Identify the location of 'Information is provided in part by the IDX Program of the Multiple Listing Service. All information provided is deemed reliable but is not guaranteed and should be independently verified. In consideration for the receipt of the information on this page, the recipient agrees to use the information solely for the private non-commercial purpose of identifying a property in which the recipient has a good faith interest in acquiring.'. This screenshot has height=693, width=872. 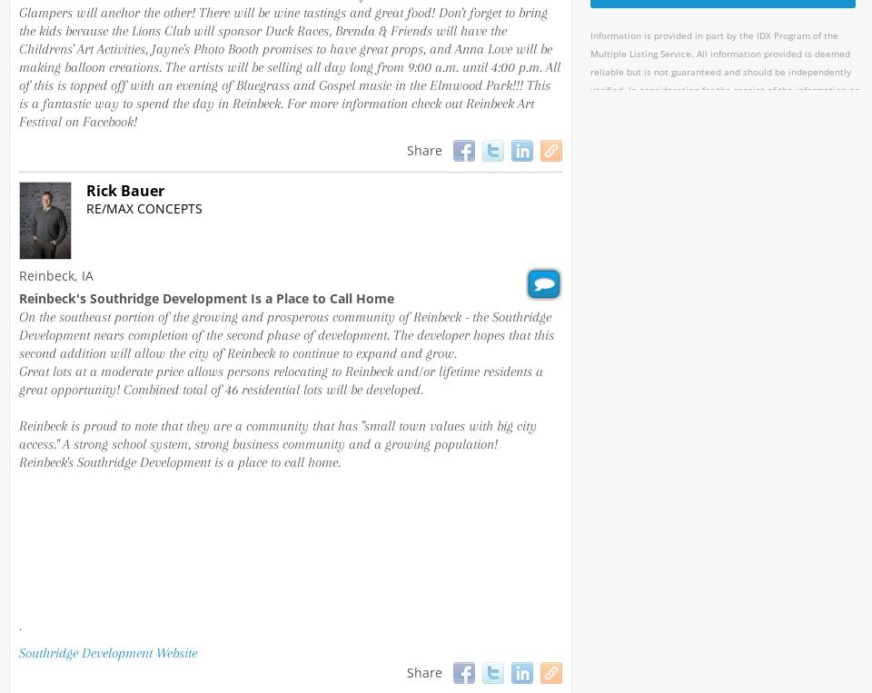
(725, 99).